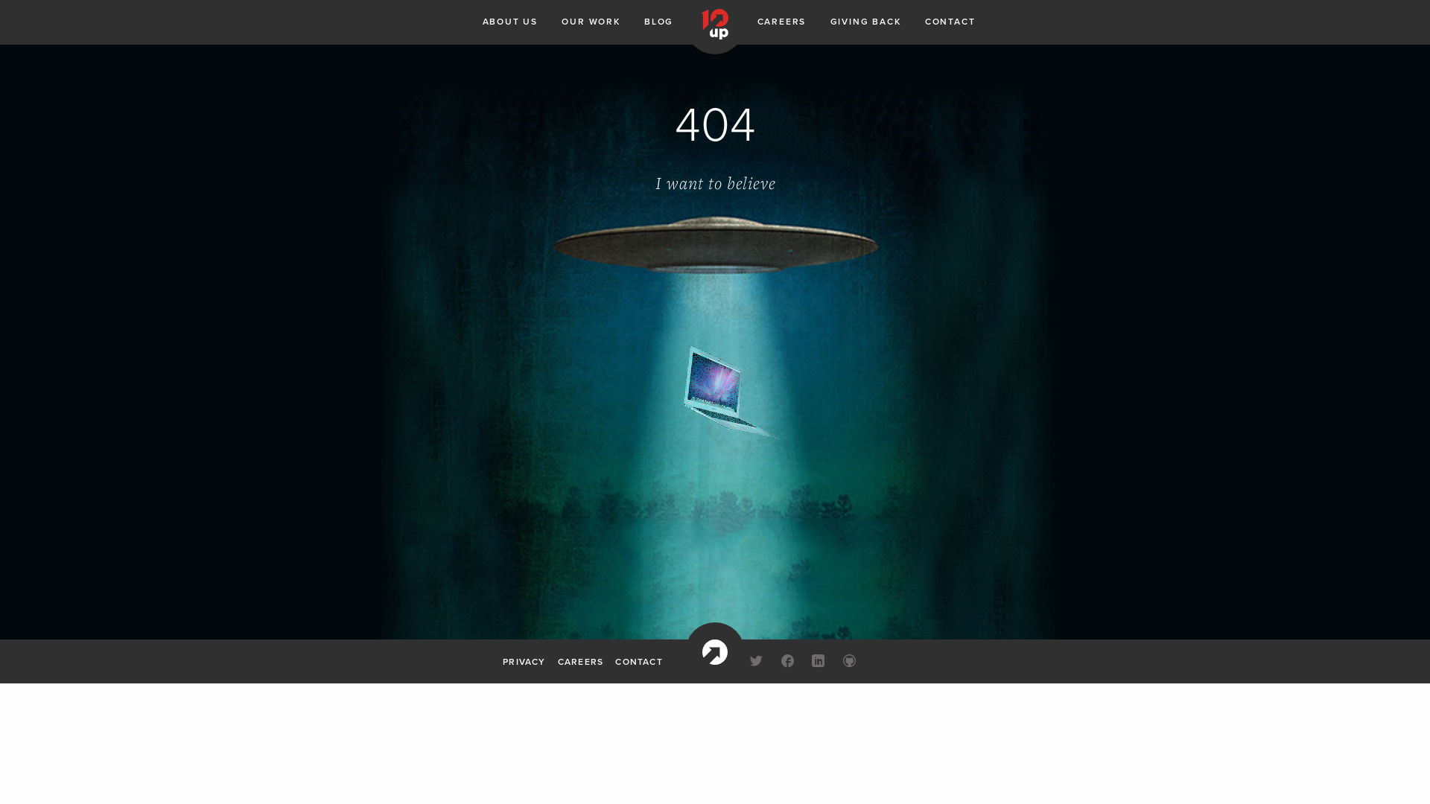 The height and width of the screenshot is (804, 1430). What do you see at coordinates (836, 662) in the screenshot?
I see `'GITHUB'` at bounding box center [836, 662].